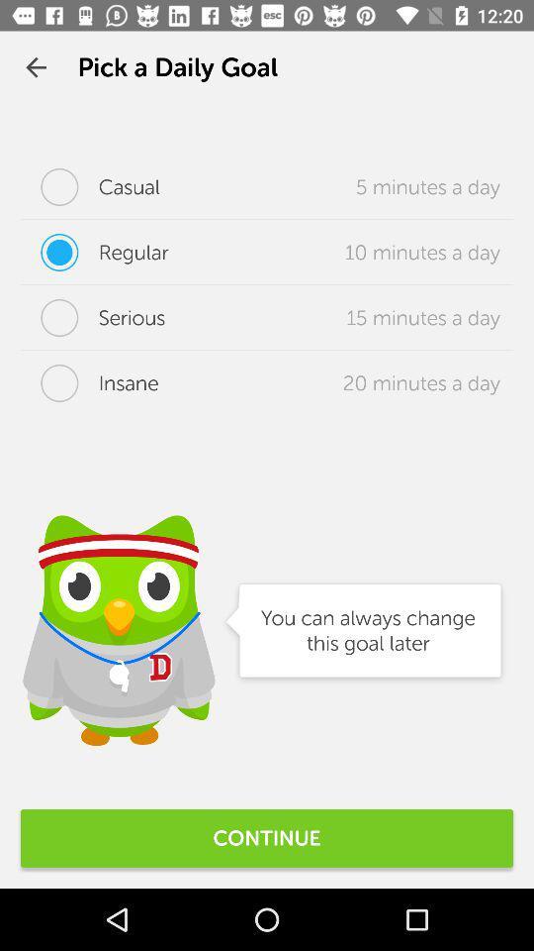 The width and height of the screenshot is (534, 951). What do you see at coordinates (92, 318) in the screenshot?
I see `icon below regular` at bounding box center [92, 318].